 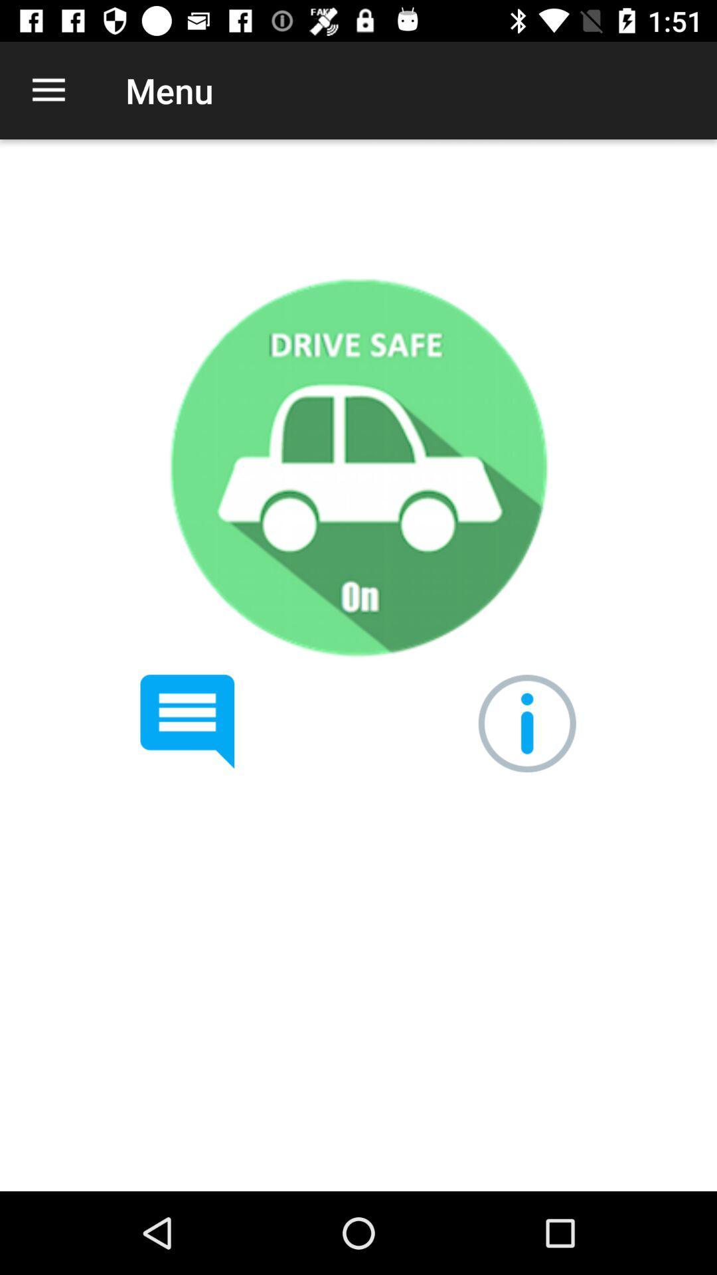 What do you see at coordinates (187, 721) in the screenshot?
I see `read test messaging` at bounding box center [187, 721].